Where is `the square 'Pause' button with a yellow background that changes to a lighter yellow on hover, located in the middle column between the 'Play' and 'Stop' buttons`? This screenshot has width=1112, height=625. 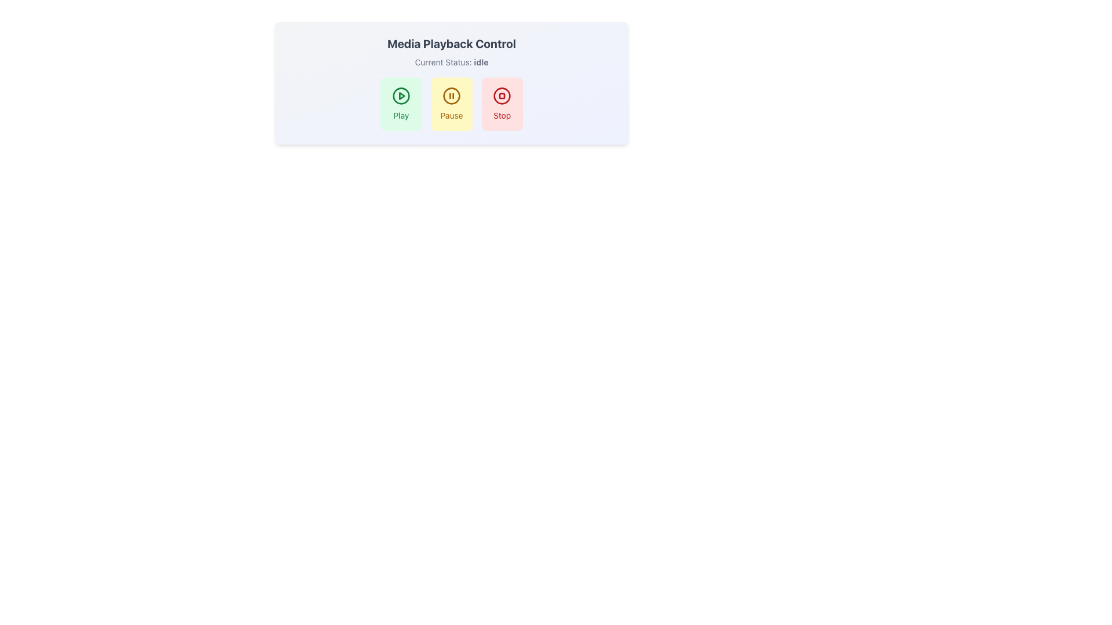 the square 'Pause' button with a yellow background that changes to a lighter yellow on hover, located in the middle column between the 'Play' and 'Stop' buttons is located at coordinates (451, 104).